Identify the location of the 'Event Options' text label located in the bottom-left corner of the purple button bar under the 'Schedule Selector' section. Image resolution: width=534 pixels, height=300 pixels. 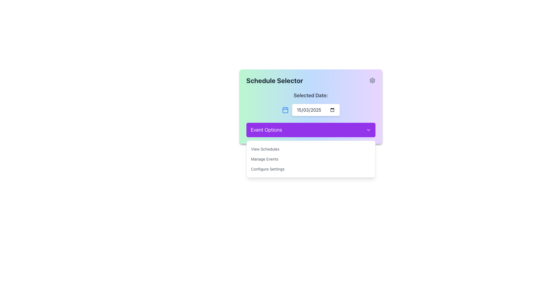
(266, 130).